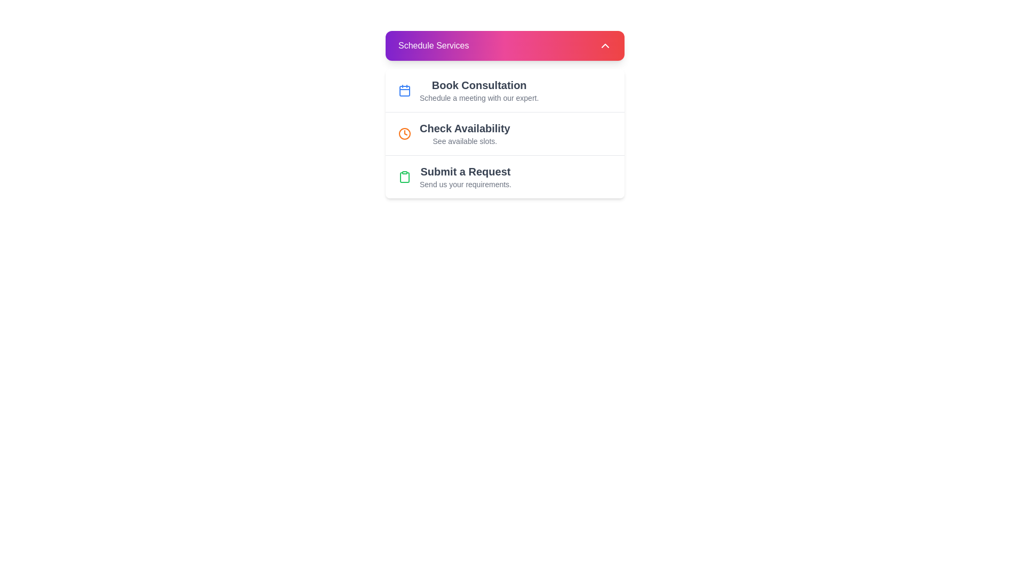 Image resolution: width=1024 pixels, height=576 pixels. I want to click on the upward-pointing chevron icon located in a red circular area on the right side of the 'Schedule Services' header, so click(605, 45).